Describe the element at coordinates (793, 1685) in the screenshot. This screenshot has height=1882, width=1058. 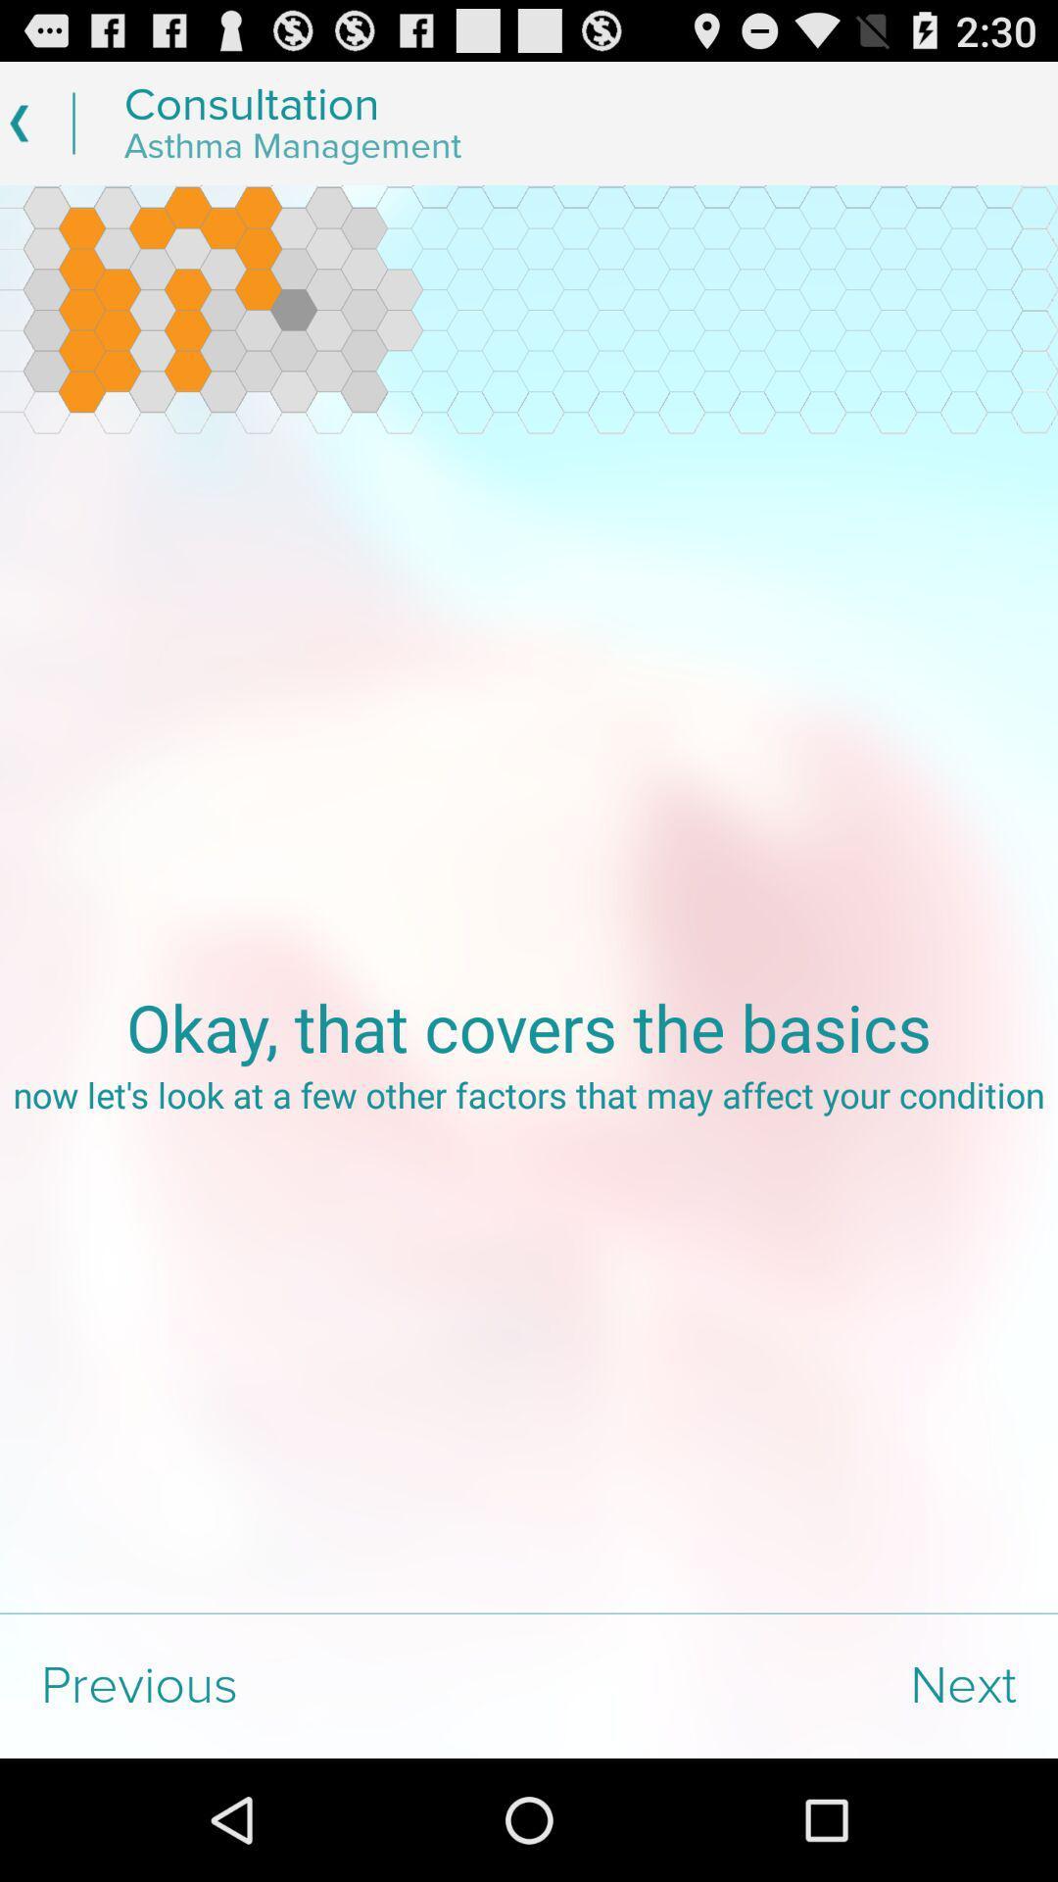
I see `the app at the bottom right corner` at that location.